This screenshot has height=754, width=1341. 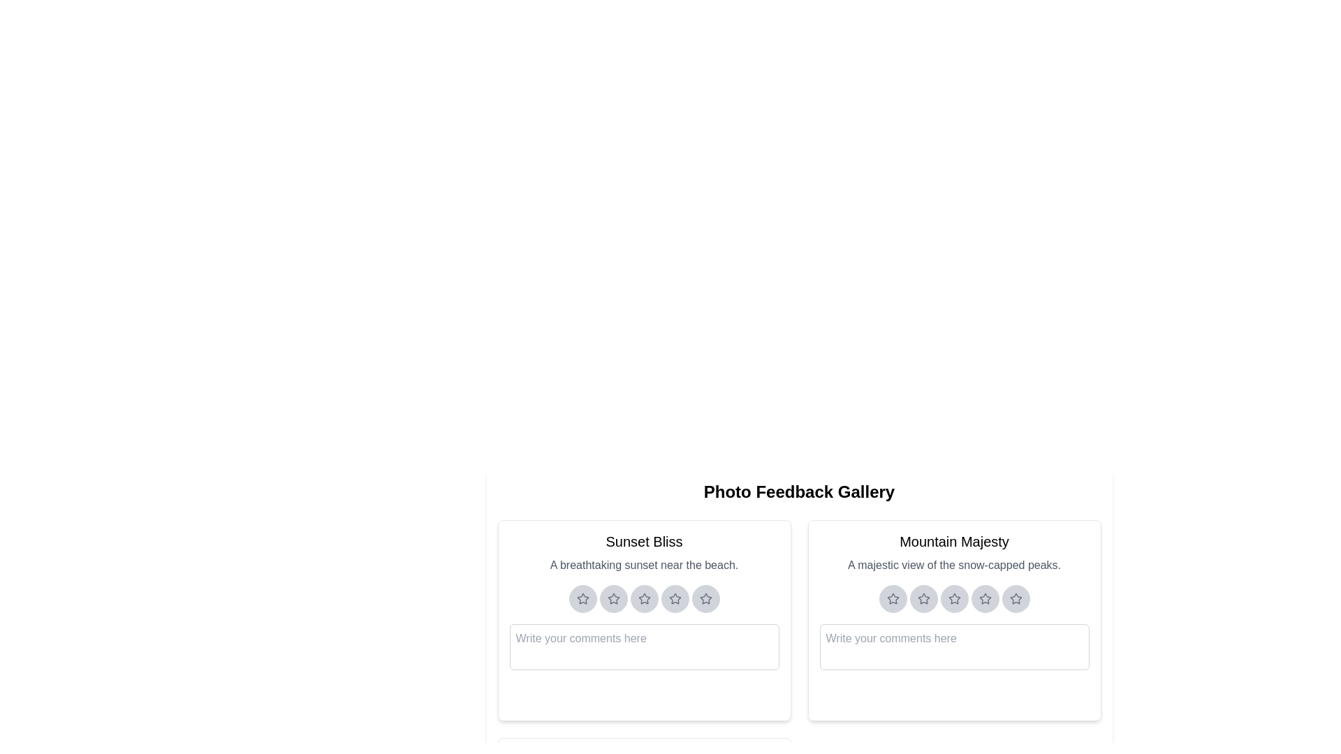 What do you see at coordinates (582, 598) in the screenshot?
I see `the interactive button with a gray background and star icon located under the title 'Sunset Bliss' in the rating section of the feedback card to interact visually` at bounding box center [582, 598].